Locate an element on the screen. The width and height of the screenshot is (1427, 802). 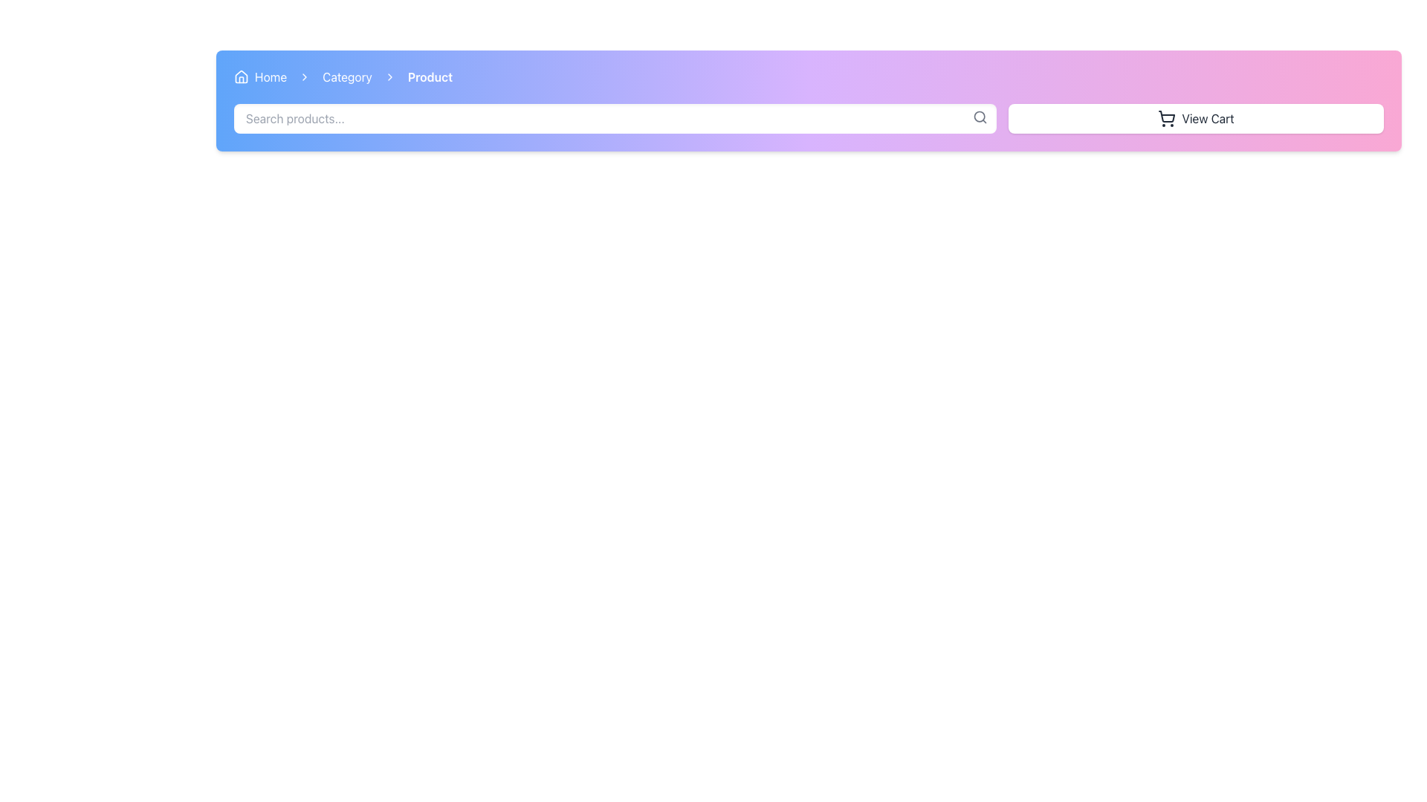
the interactive text link labeled 'Category' in the breadcrumb navigation bar is located at coordinates (346, 77).